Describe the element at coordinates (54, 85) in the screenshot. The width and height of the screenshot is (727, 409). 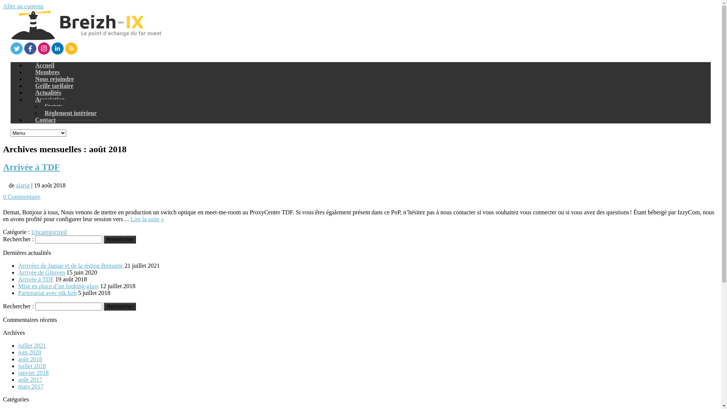
I see `'Grille tarifaire'` at that location.